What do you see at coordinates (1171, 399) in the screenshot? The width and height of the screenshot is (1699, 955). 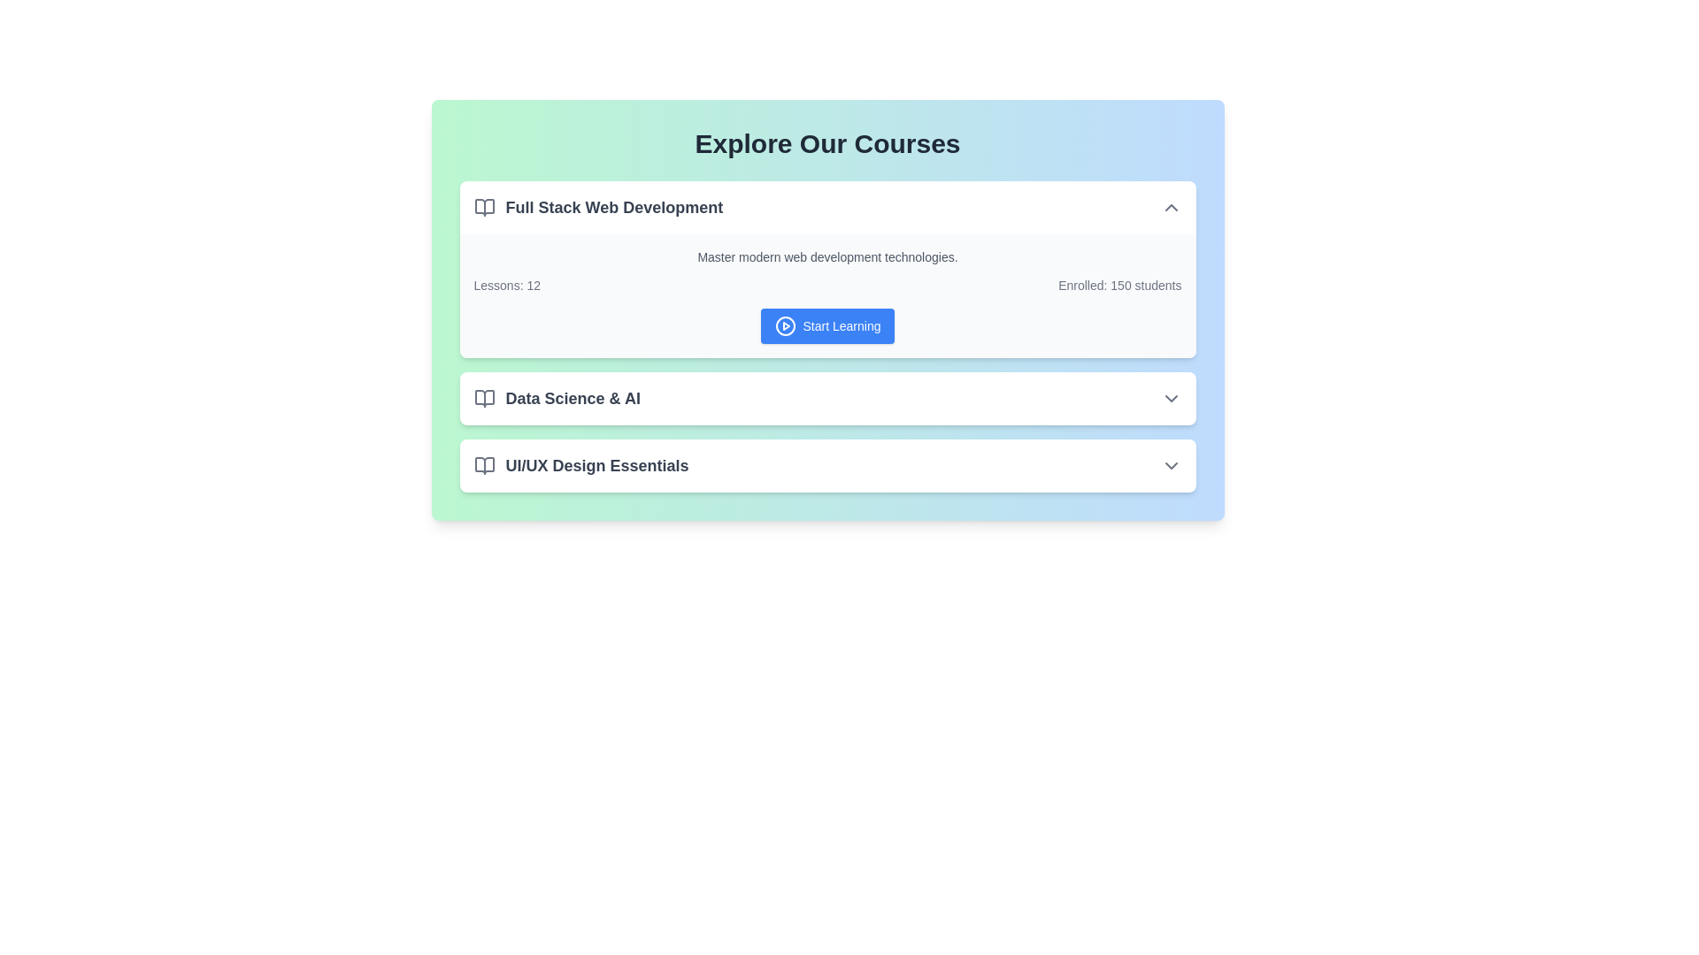 I see `the downward-facing chevron icon of the Dropdown control located at the far right of the 'Data Science & AI' menu bar to trigger potential visual effects` at bounding box center [1171, 399].